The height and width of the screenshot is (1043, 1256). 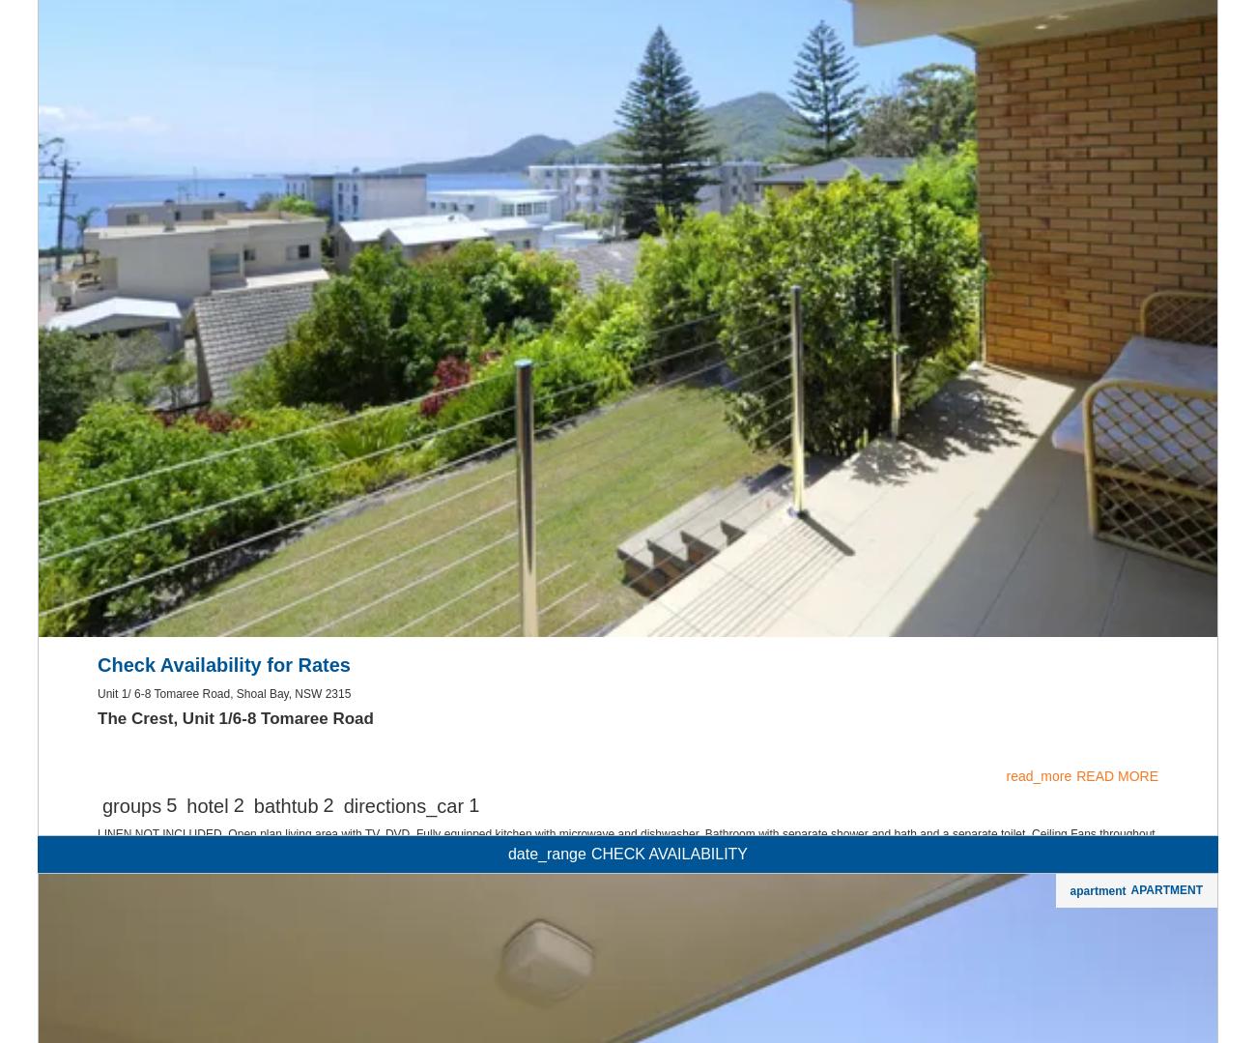 I want to click on 'APARTMENT', so click(x=1165, y=129).